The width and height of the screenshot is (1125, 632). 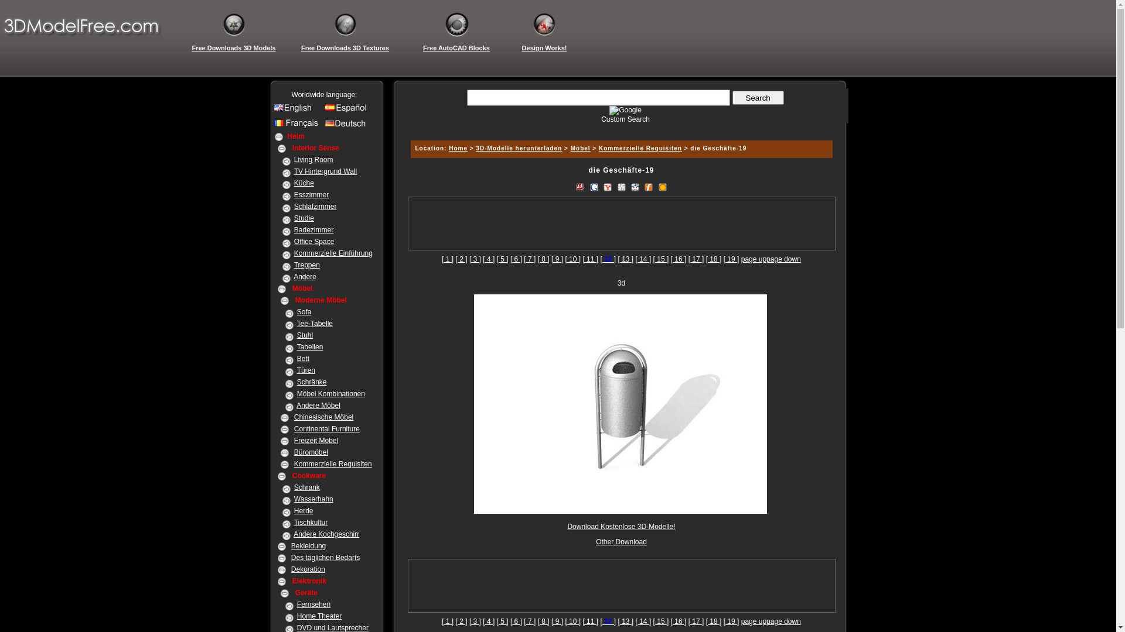 I want to click on 'Tee-Tabelle', so click(x=315, y=323).